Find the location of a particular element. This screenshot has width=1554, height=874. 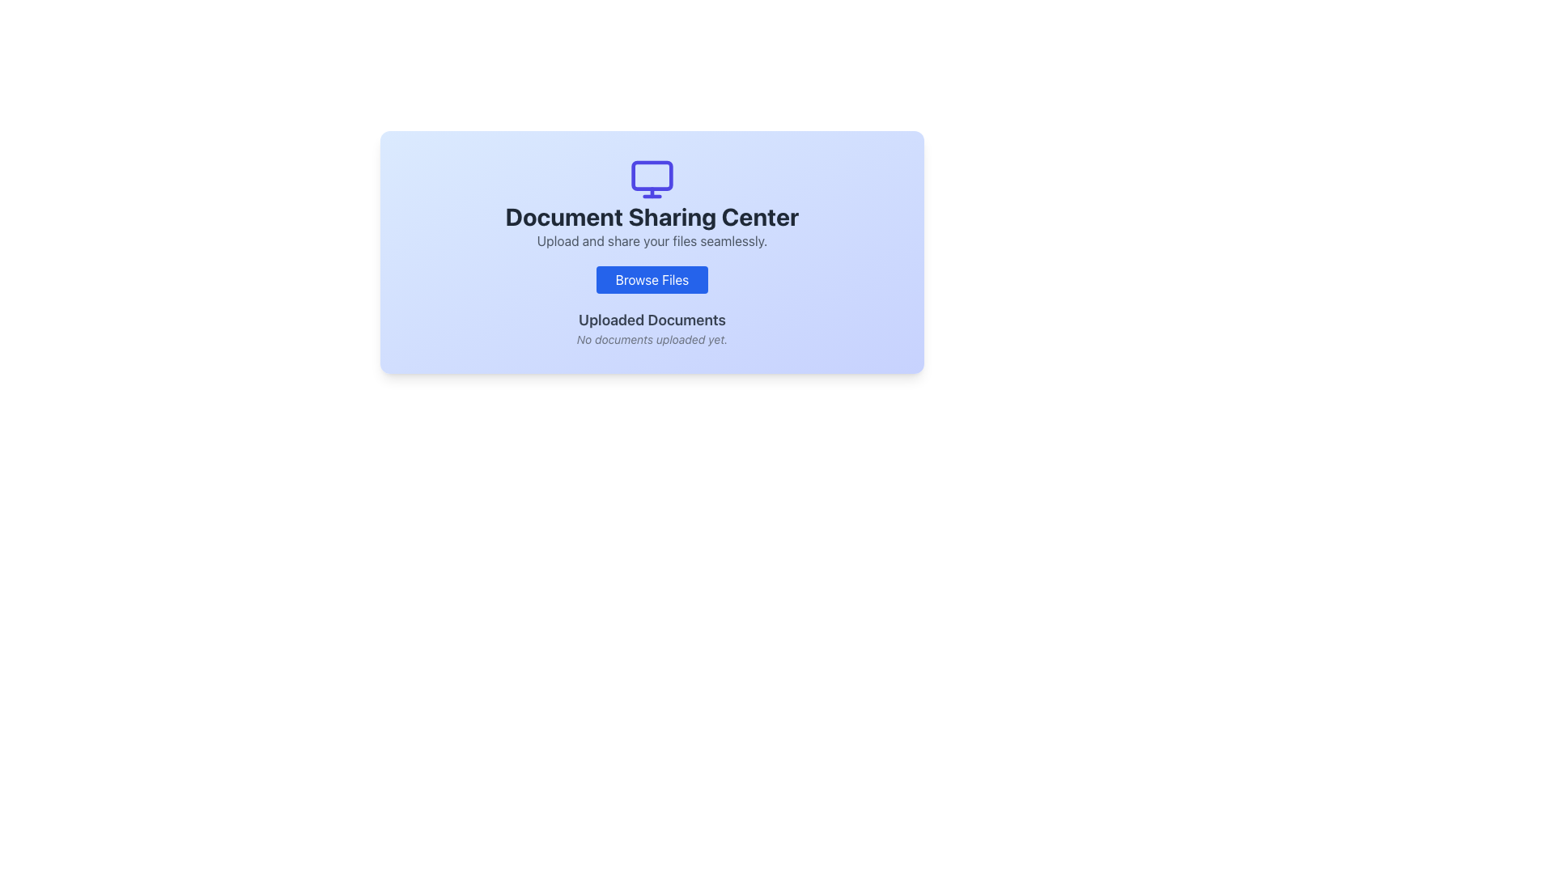

the text display element that contains the header 'Uploaded Documents' and the message 'No documents uploaded yet.' is located at coordinates (652, 328).